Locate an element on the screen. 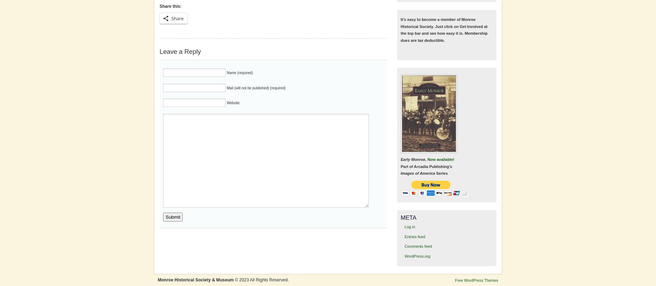 The image size is (656, 286). 'Mail (will not be published) (required)' is located at coordinates (256, 87).